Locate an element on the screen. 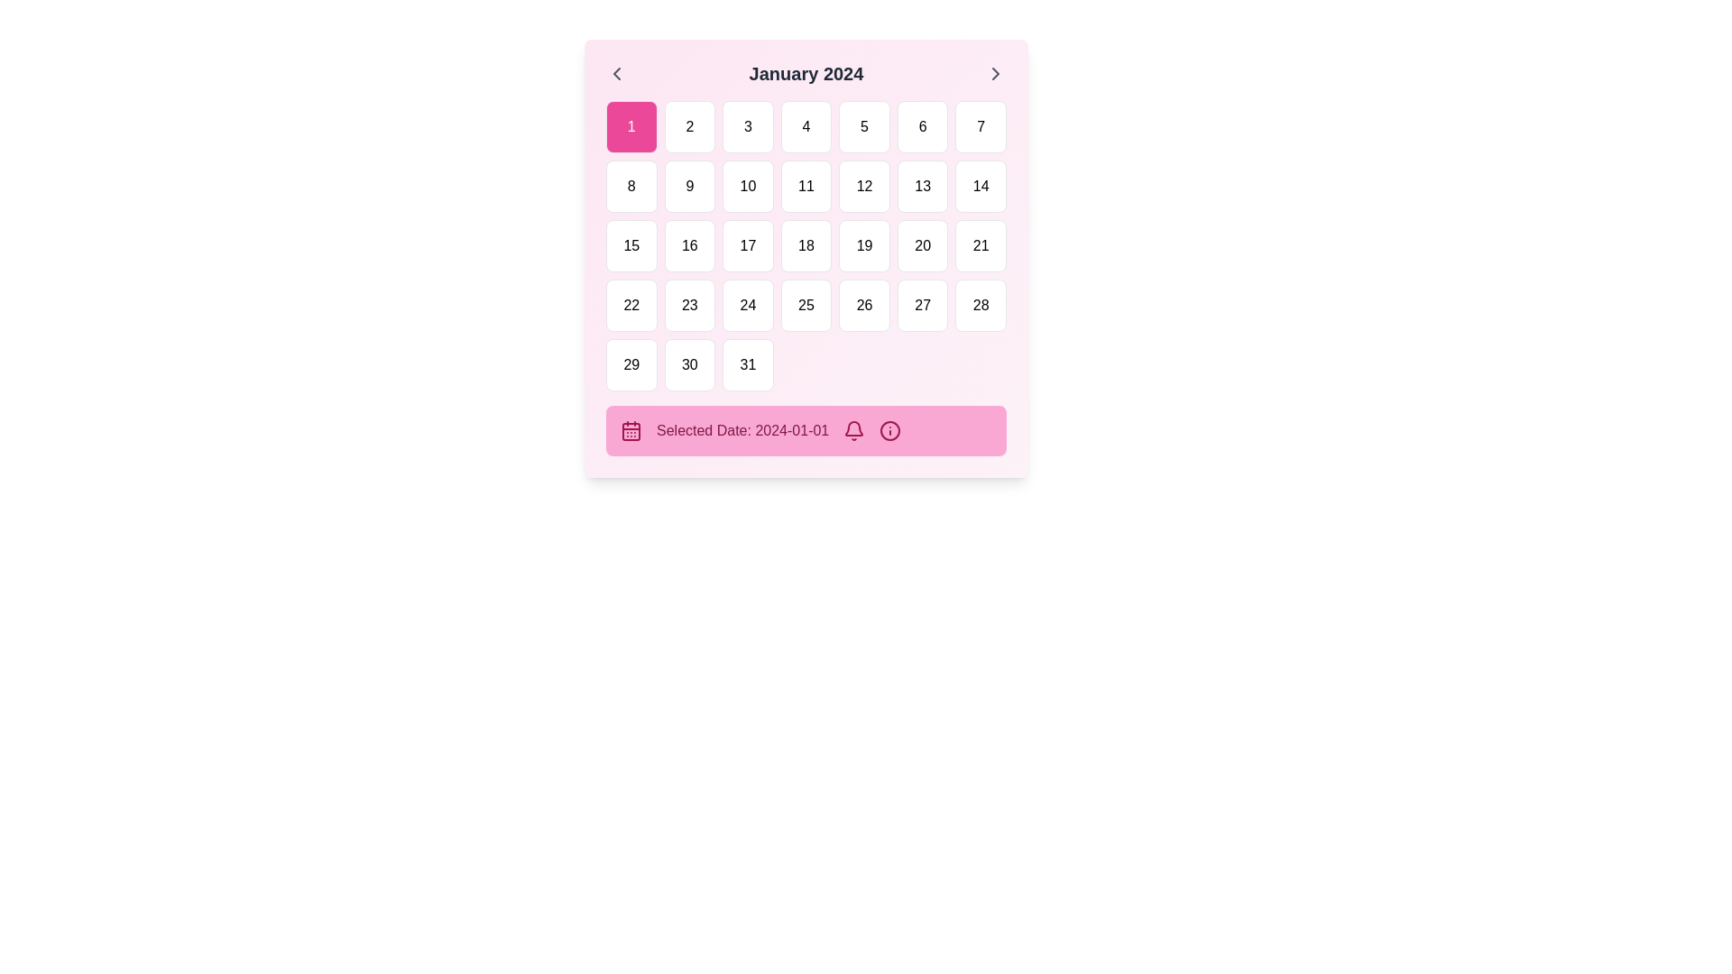 This screenshot has height=974, width=1732. the bell-shaped notification icon, which is pink and located below the calendar next to 'Selected Date: 2024-01-01' is located at coordinates (853, 431).